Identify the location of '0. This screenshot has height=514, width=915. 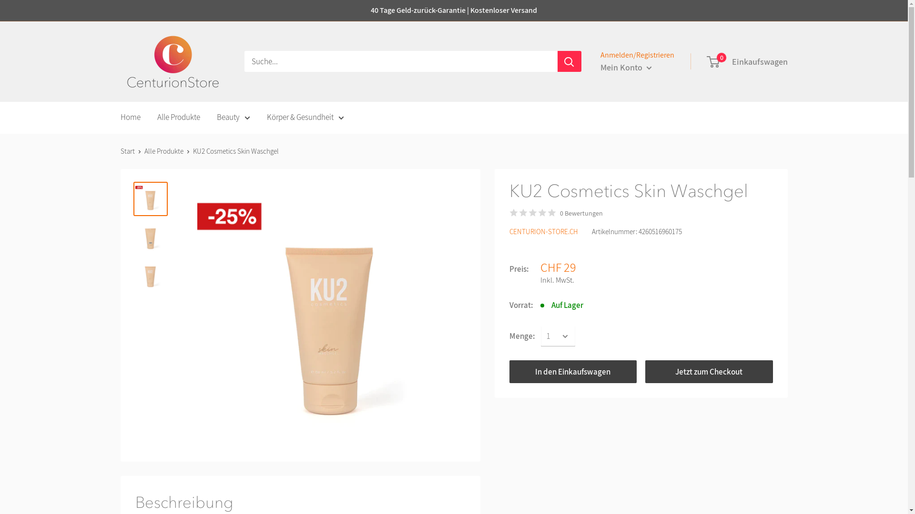
(747, 62).